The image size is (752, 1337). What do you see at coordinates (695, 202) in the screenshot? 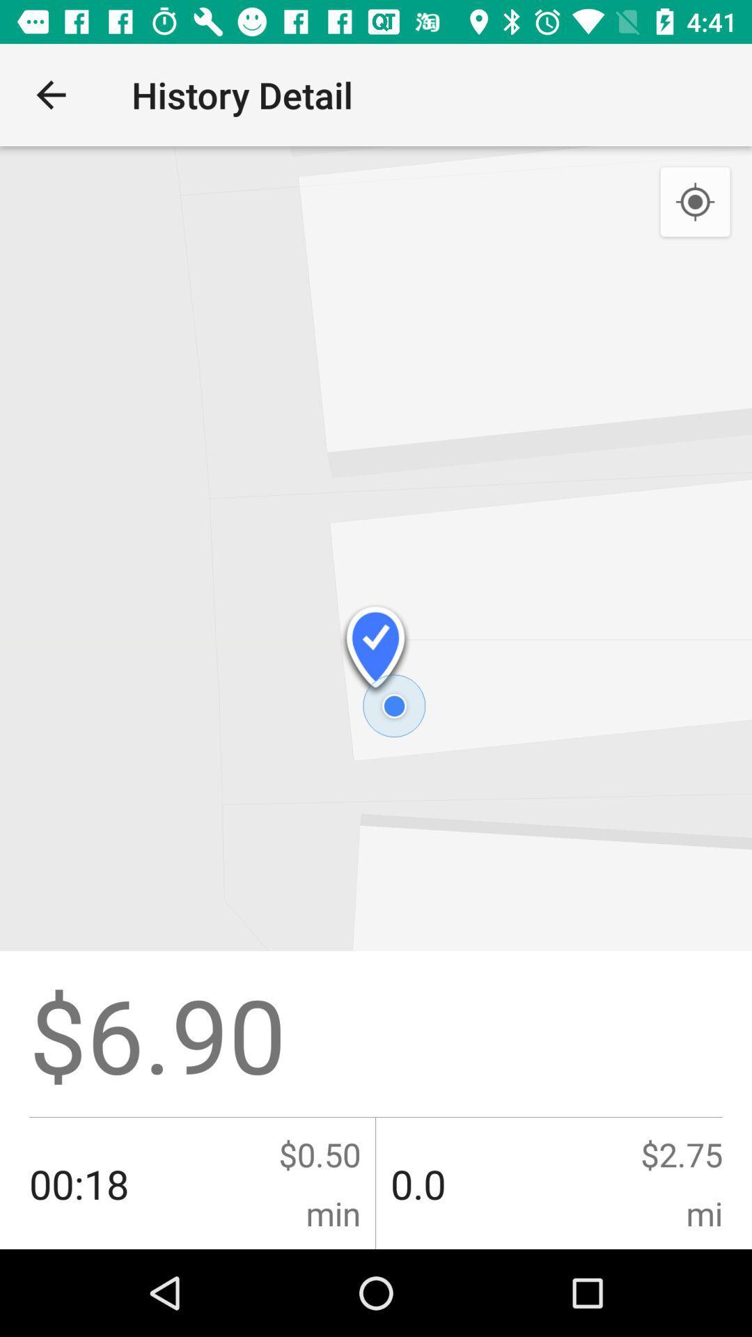
I see `the location_crosshair icon` at bounding box center [695, 202].